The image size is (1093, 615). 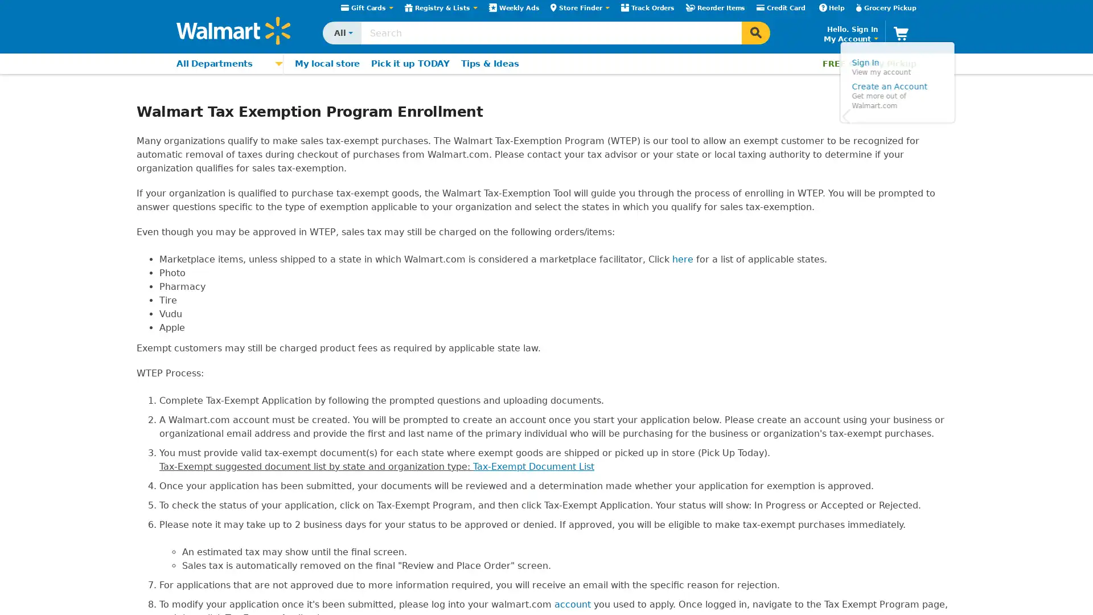 I want to click on Search, so click(x=756, y=32).